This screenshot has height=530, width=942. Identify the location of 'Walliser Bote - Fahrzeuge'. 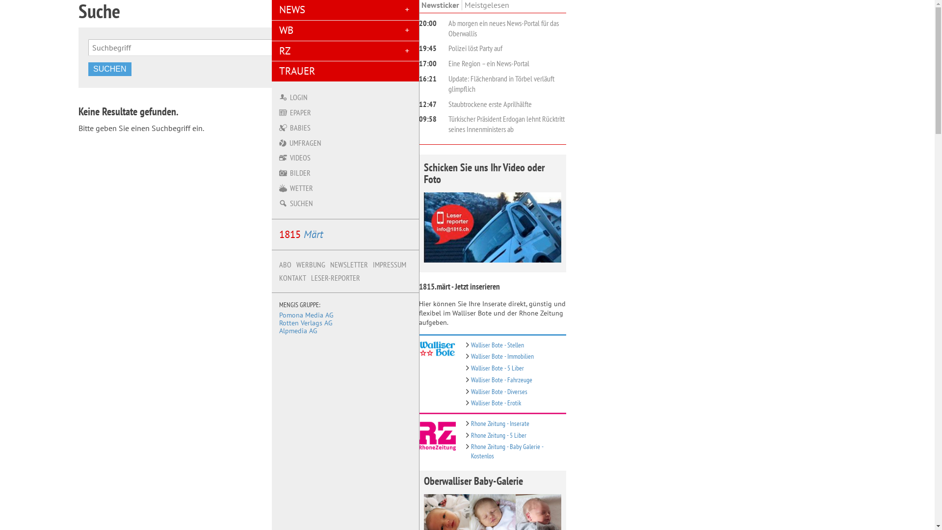
(501, 379).